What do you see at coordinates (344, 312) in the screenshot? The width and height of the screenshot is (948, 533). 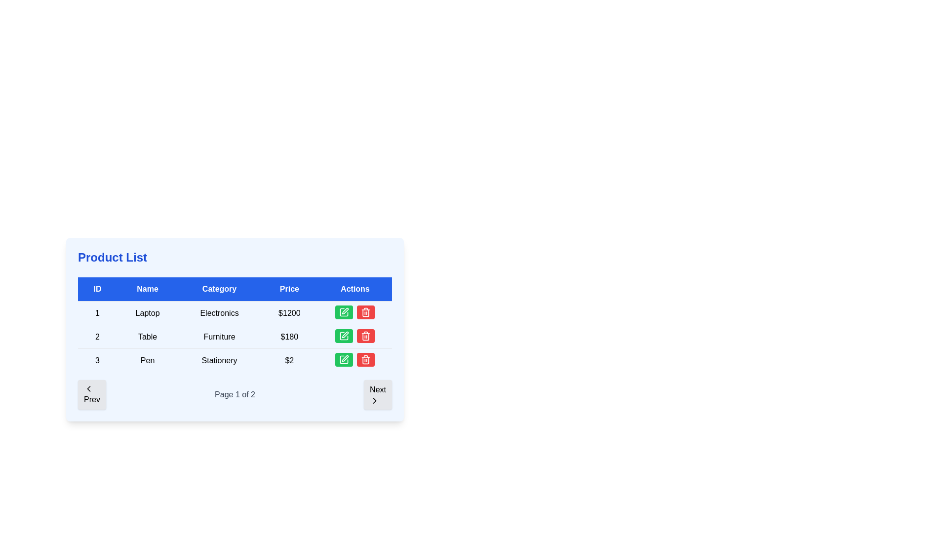 I see `the small rectangular green button with a white pen icon located at the rightmost position for the 'Laptop' product entry in the 'Actions' column` at bounding box center [344, 312].